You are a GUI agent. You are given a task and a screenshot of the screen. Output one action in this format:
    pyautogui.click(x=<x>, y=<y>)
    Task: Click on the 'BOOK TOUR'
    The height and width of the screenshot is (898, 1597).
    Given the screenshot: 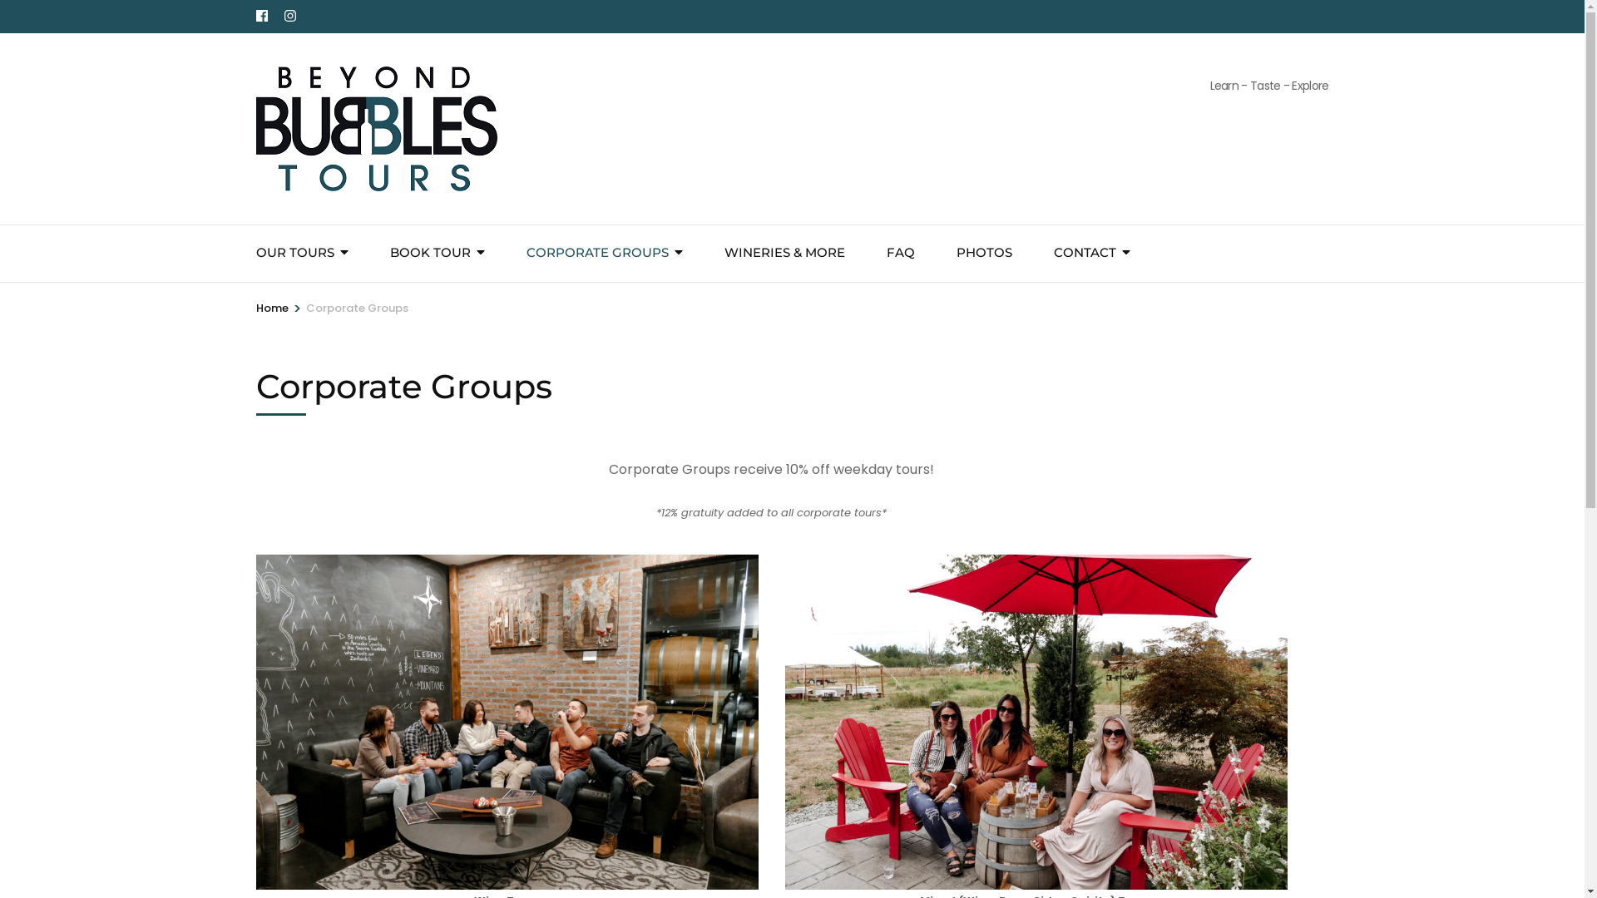 What is the action you would take?
    pyautogui.click(x=388, y=253)
    